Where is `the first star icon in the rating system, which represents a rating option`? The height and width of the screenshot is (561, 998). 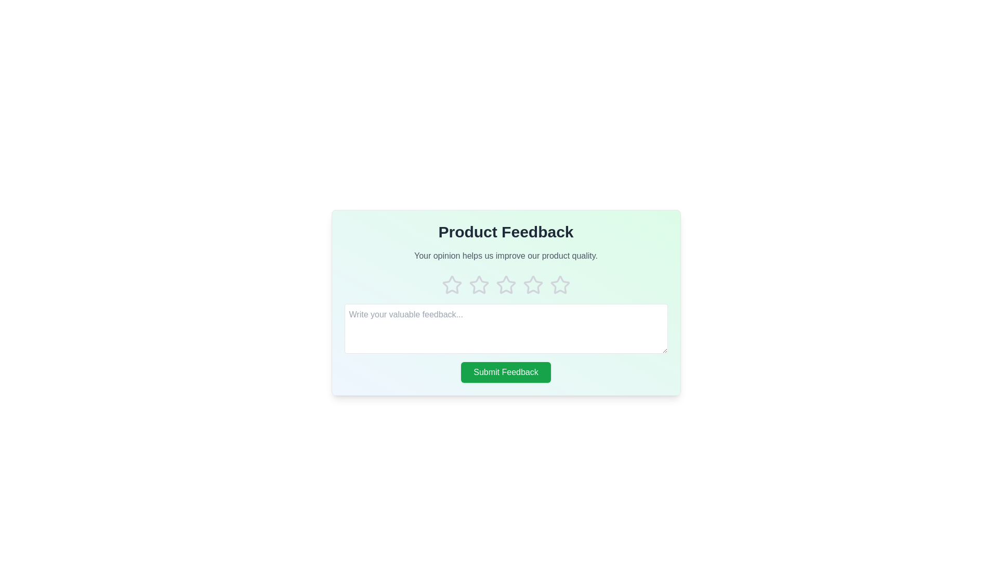
the first star icon in the rating system, which represents a rating option is located at coordinates (452, 285).